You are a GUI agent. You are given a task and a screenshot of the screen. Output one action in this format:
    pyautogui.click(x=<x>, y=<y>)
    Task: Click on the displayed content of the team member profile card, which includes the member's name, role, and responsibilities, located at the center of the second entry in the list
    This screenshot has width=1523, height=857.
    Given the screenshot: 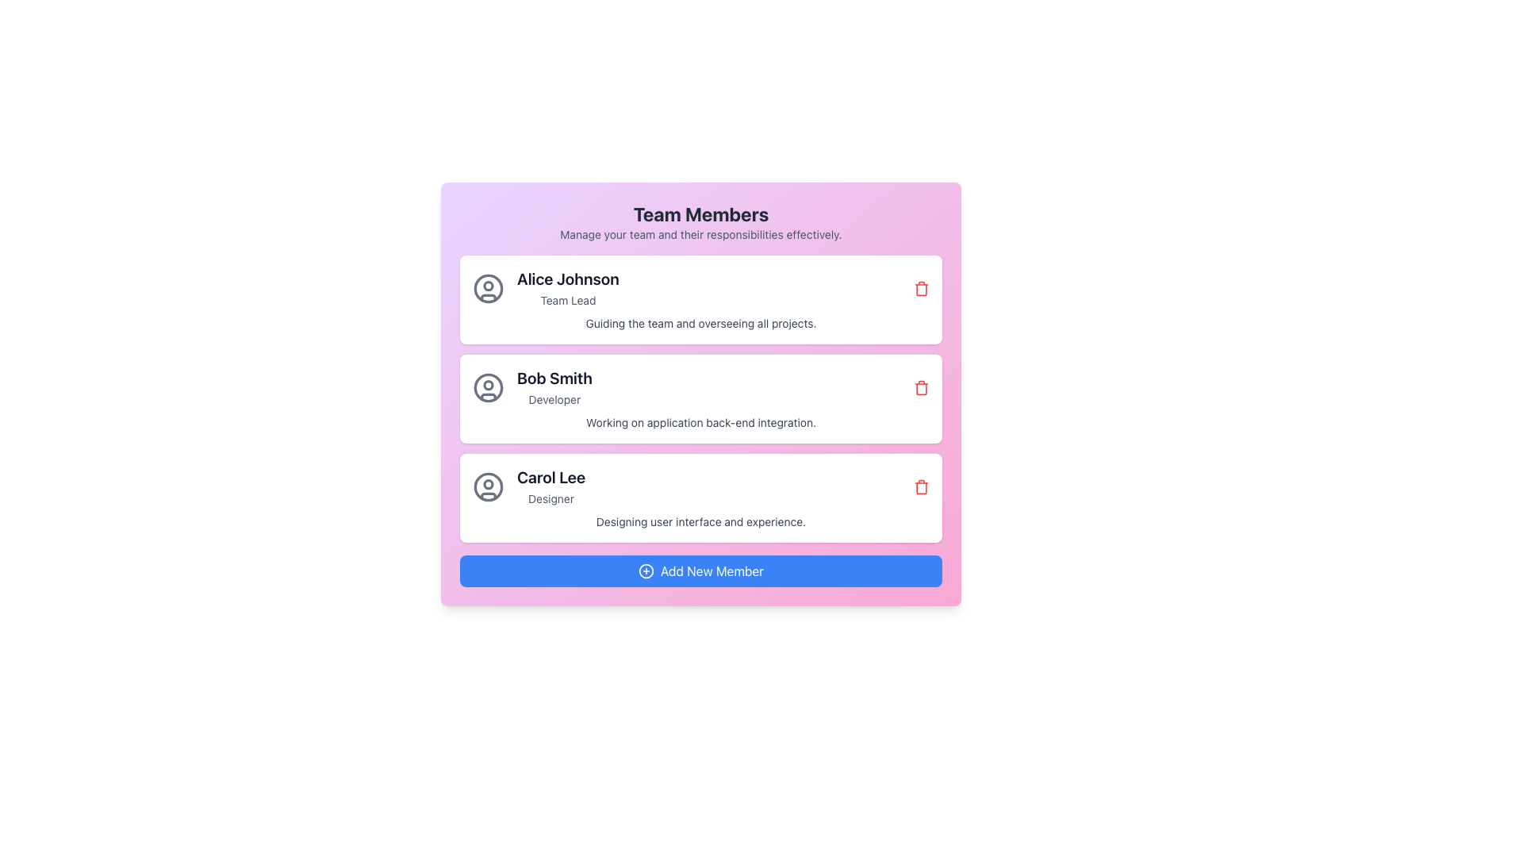 What is the action you would take?
    pyautogui.click(x=700, y=394)
    